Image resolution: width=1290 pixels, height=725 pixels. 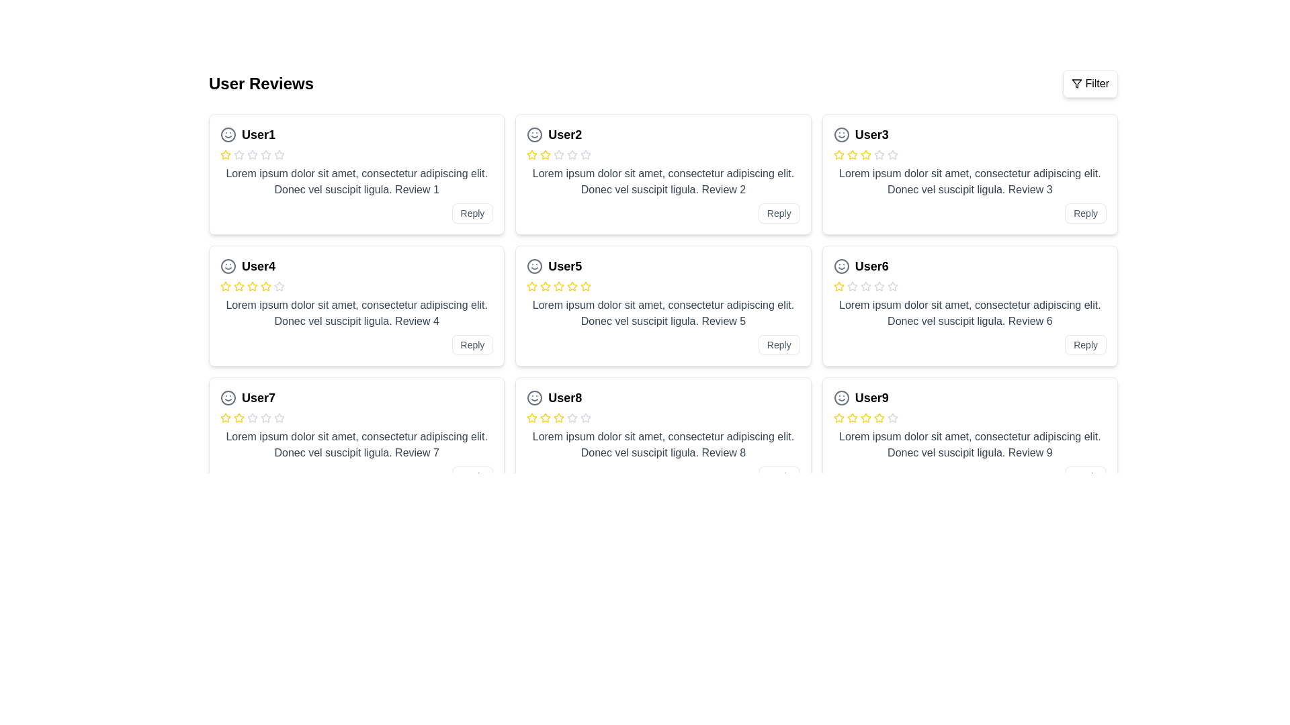 What do you see at coordinates (1077, 83) in the screenshot?
I see `the triangular filter icon located to the left of the 'Filter' label` at bounding box center [1077, 83].